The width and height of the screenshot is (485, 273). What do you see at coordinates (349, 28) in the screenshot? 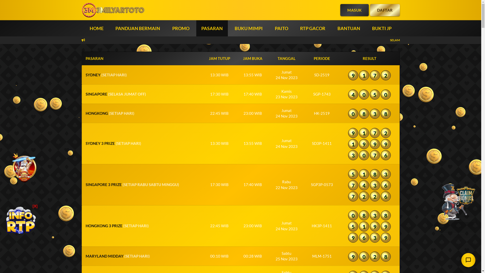
I see `'BANTUAN'` at bounding box center [349, 28].